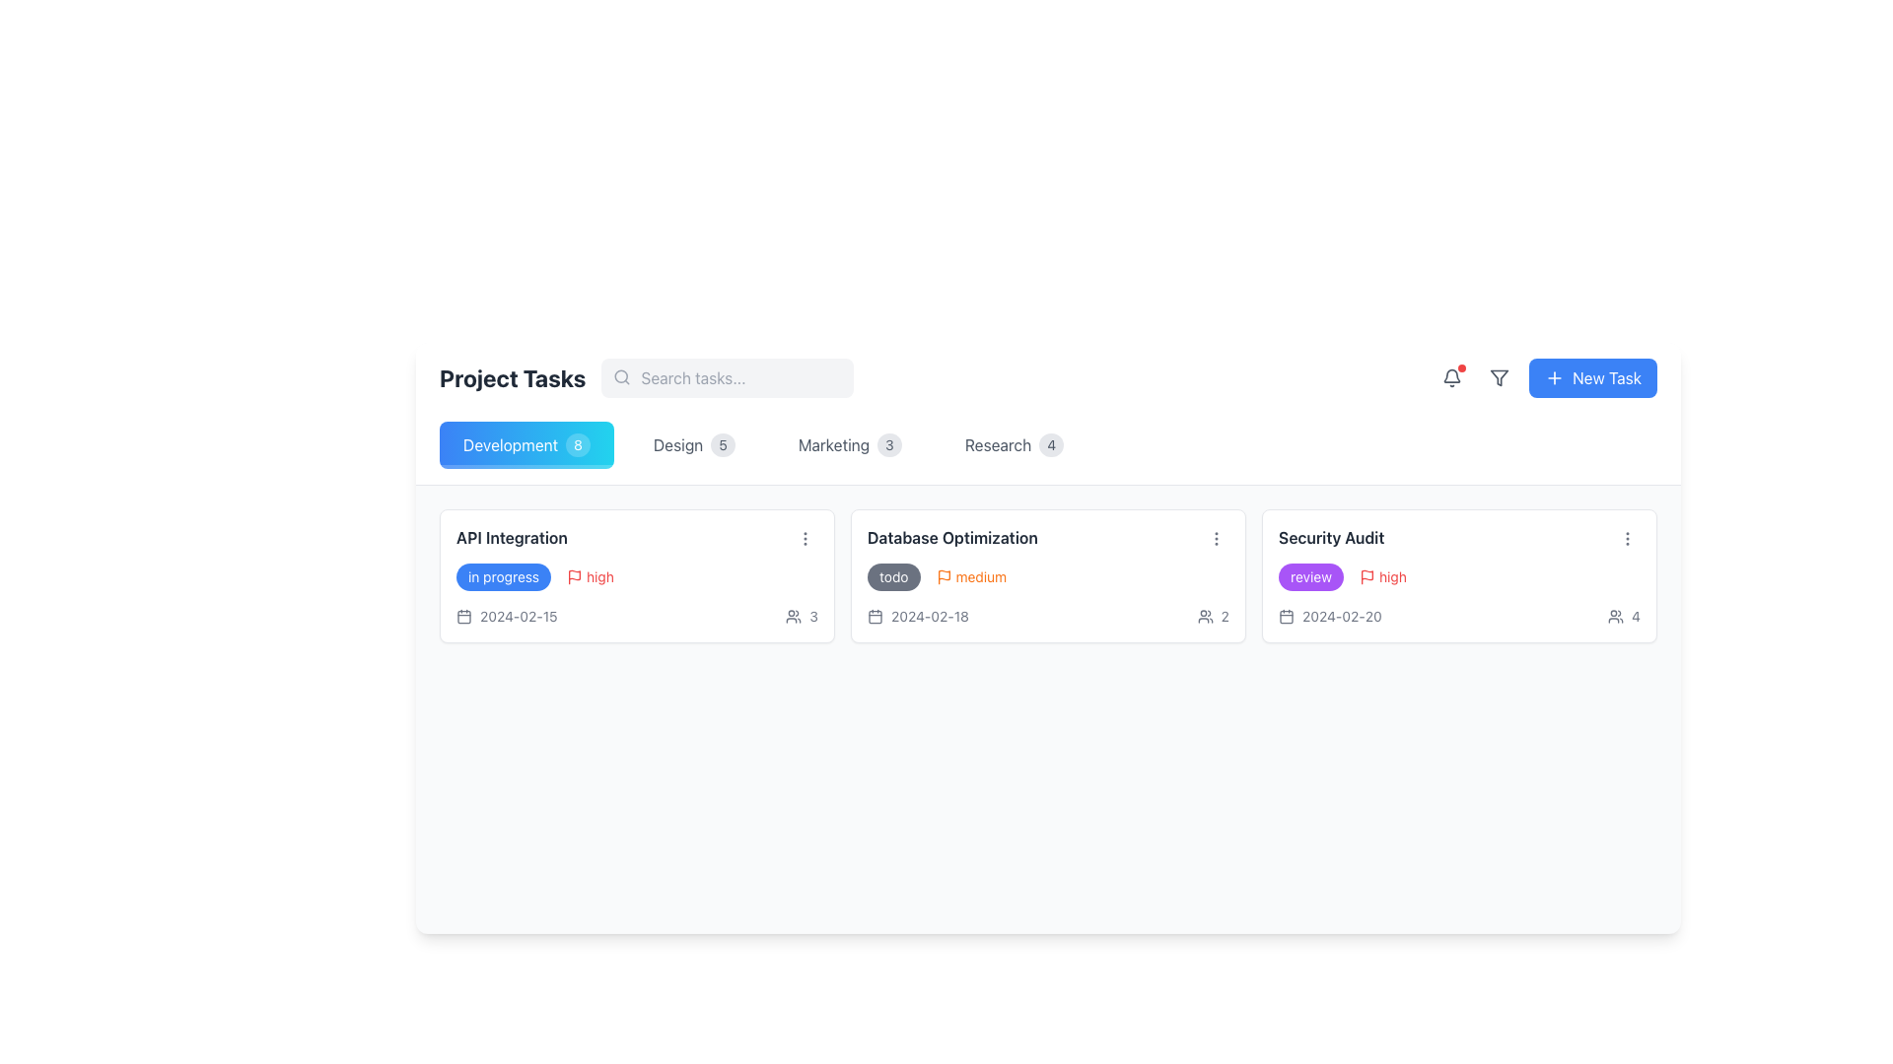 The image size is (1893, 1064). What do you see at coordinates (971, 576) in the screenshot?
I see `the medium priority label with associated icon located in the 'Database Optimization' card in the 'Project Tasks' section, which is next to the 'todo' label` at bounding box center [971, 576].